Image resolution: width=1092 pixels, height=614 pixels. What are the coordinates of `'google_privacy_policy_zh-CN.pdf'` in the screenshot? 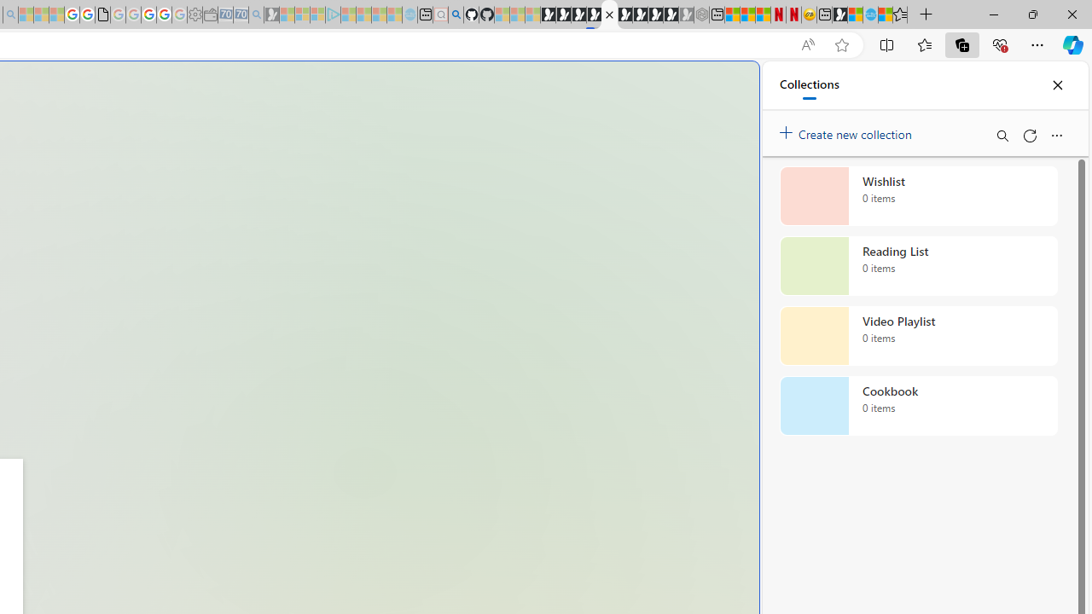 It's located at (102, 14).